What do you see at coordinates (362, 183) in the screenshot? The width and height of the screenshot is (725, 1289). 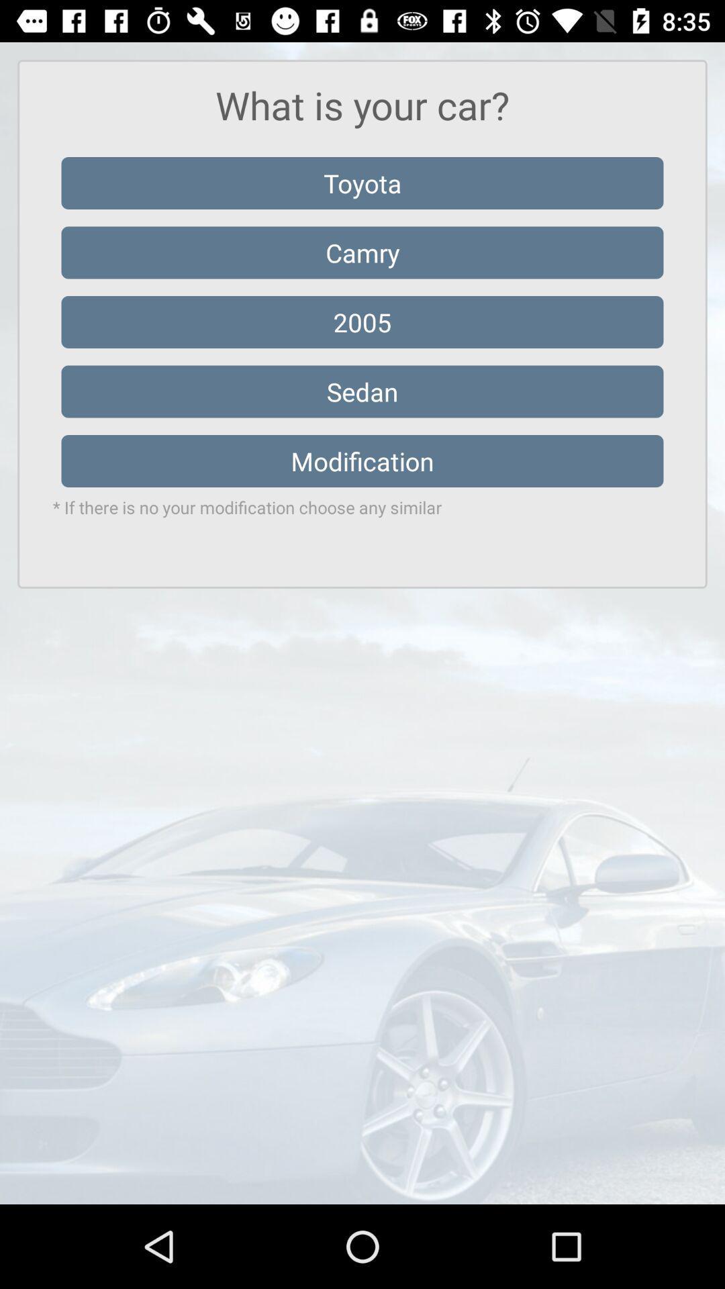 I see `the icon below what is your item` at bounding box center [362, 183].